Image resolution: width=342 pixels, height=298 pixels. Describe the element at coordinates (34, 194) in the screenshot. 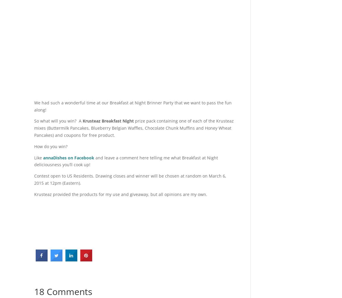

I see `'Krusteaz provided the products for my use and giveaway, but all opinions are my own.'` at that location.